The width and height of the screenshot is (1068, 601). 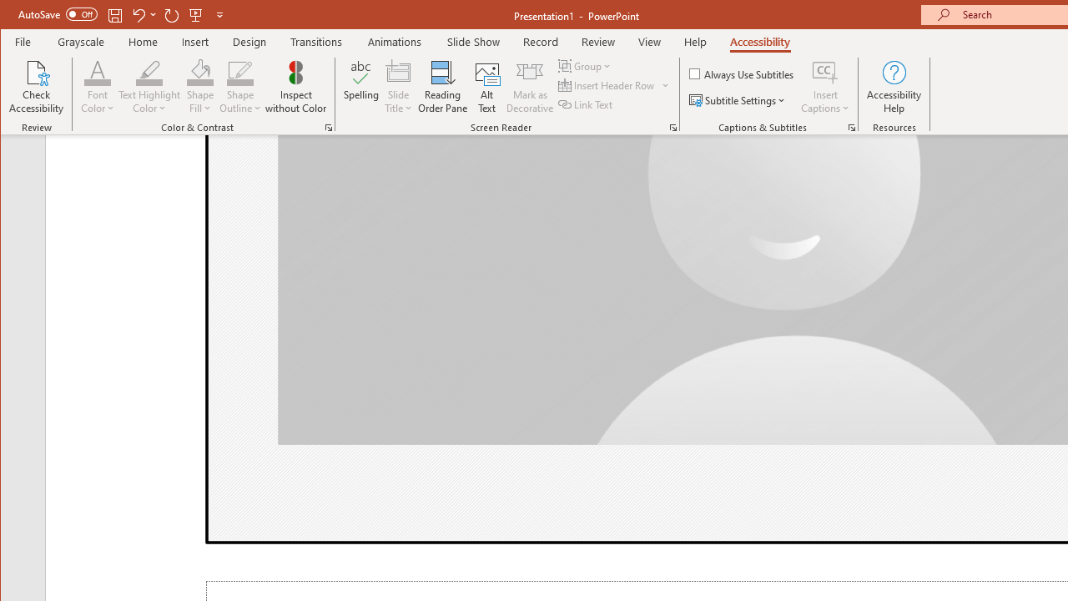 I want to click on 'Spelling...', so click(x=360, y=87).